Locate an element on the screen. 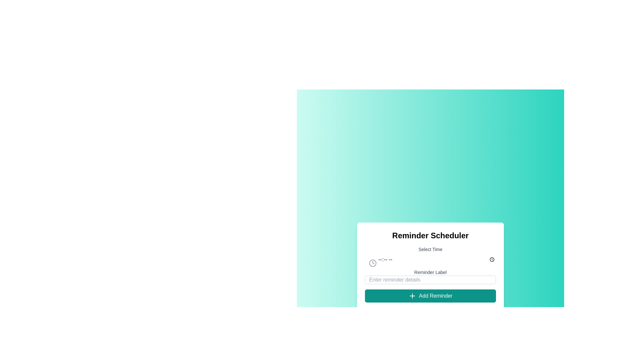 The image size is (629, 354). the text input field for reminders, which is centrally located below the 'Select Time' section and above the 'Add Reminder' button is located at coordinates (430, 277).